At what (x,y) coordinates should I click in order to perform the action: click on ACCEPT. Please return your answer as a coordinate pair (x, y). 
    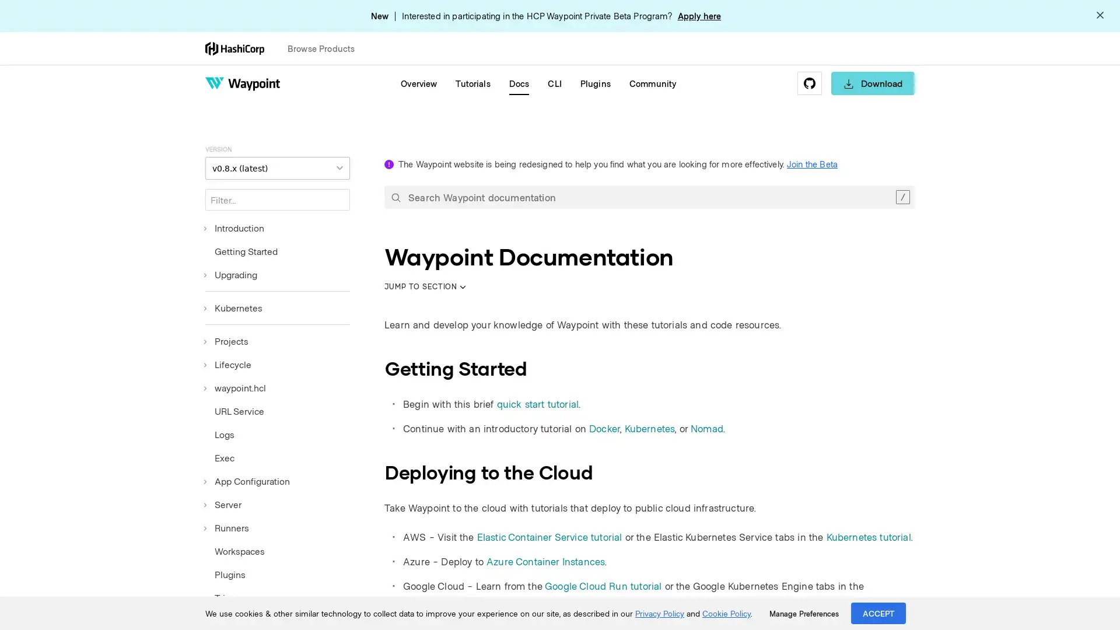
    Looking at the image, I should click on (878, 612).